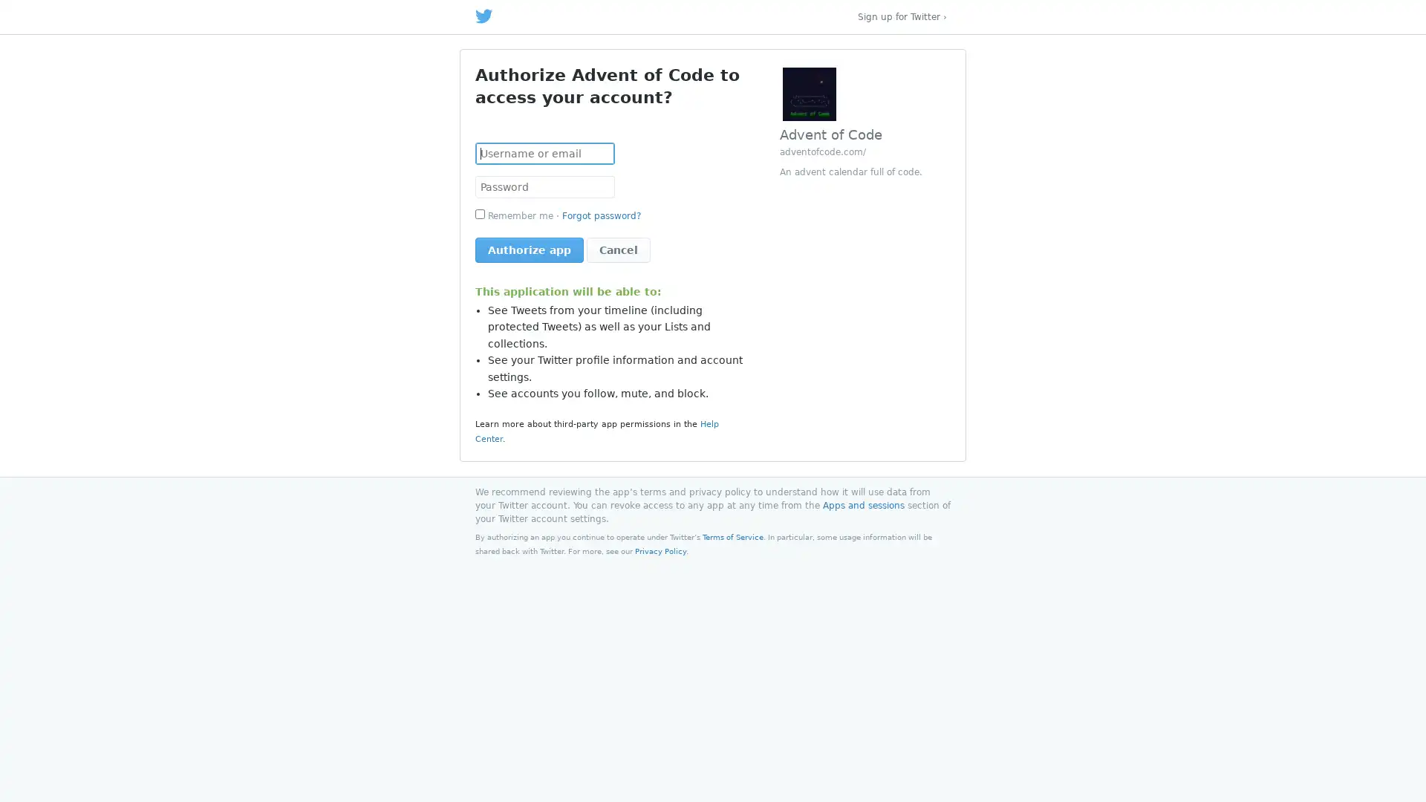  Describe the element at coordinates (619, 249) in the screenshot. I see `Cancel` at that location.